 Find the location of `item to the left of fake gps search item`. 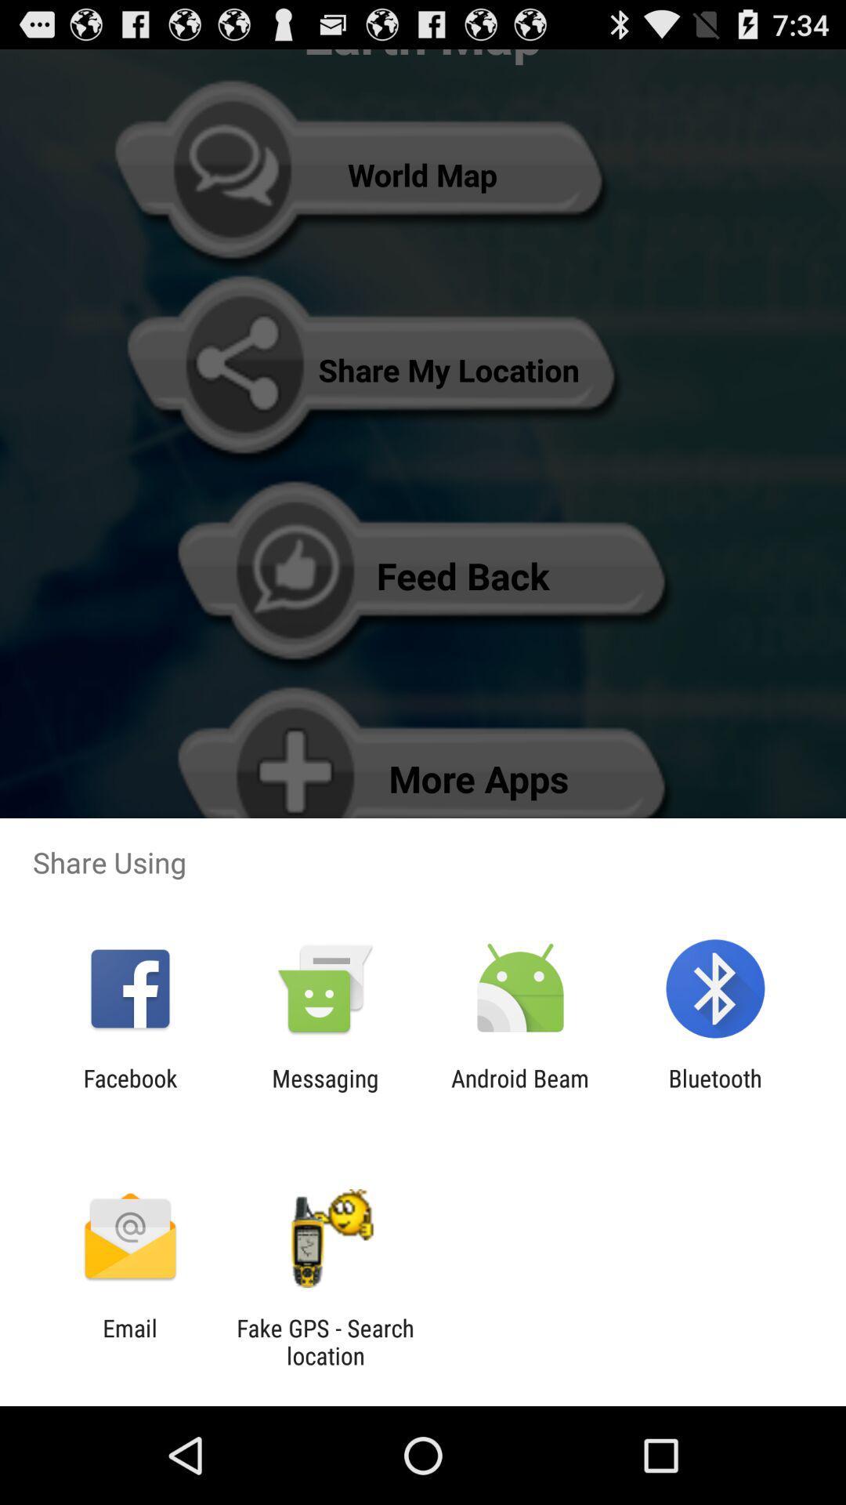

item to the left of fake gps search item is located at coordinates (129, 1341).